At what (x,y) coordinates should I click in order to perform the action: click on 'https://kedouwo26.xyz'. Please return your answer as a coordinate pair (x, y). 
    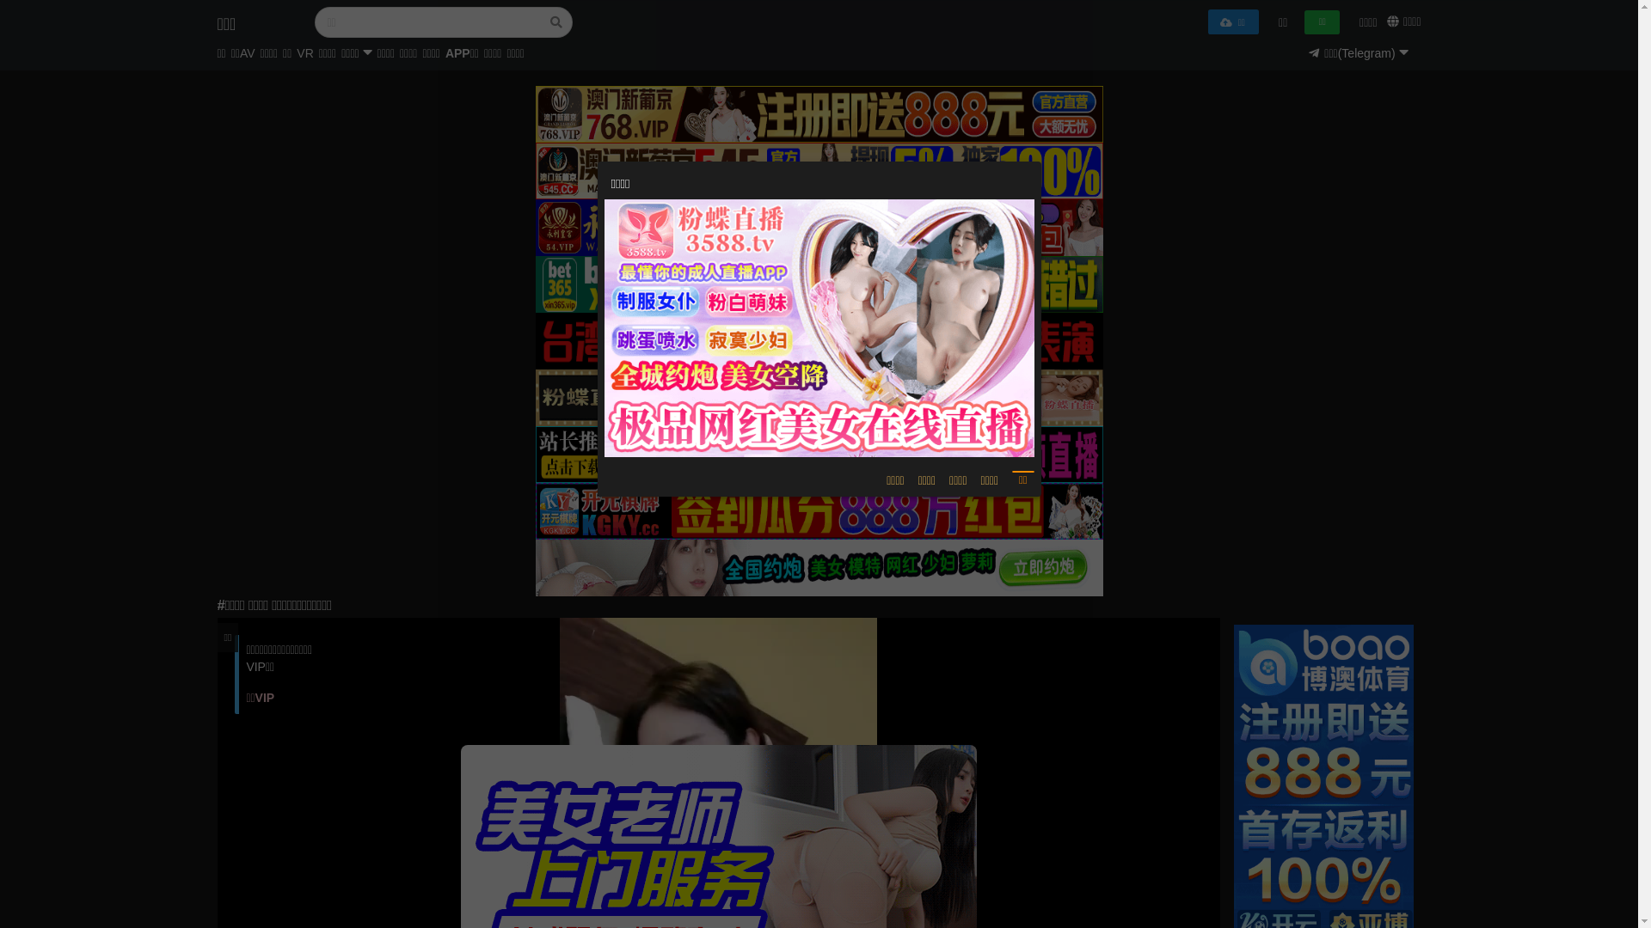
    Looking at the image, I should click on (818, 338).